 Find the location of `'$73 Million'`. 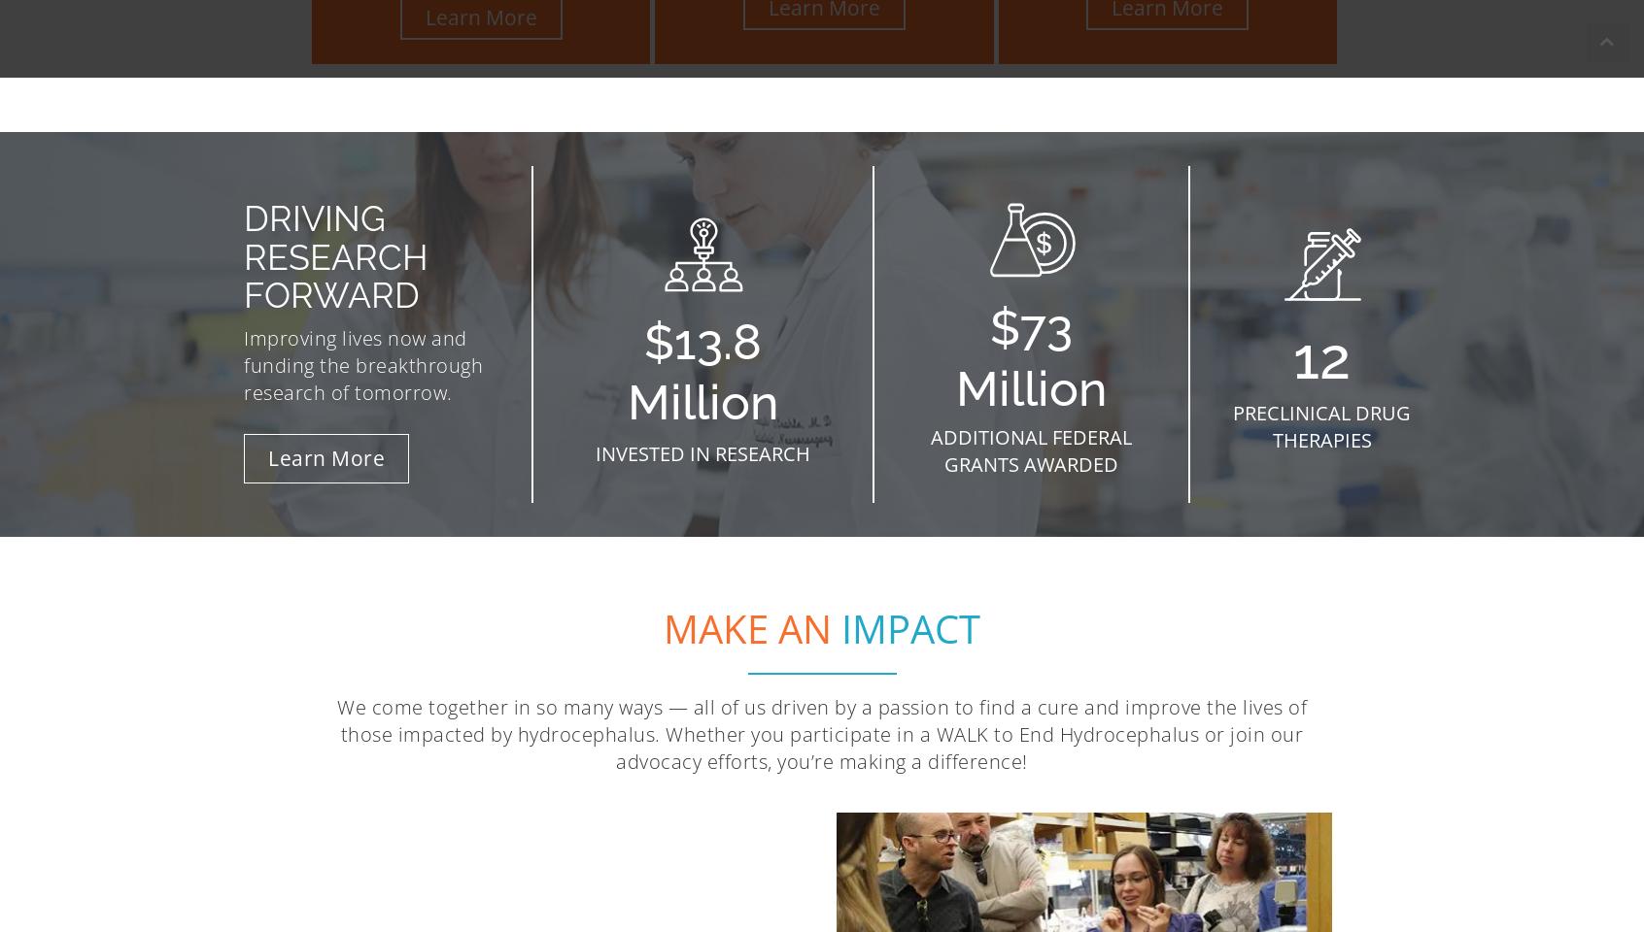

'$73 Million' is located at coordinates (955, 356).